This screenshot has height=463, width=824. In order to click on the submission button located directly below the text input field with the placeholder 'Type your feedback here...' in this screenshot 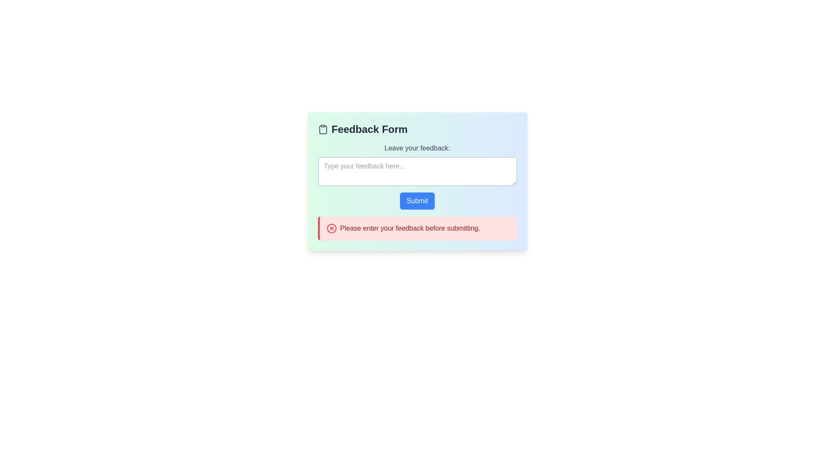, I will do `click(417, 201)`.